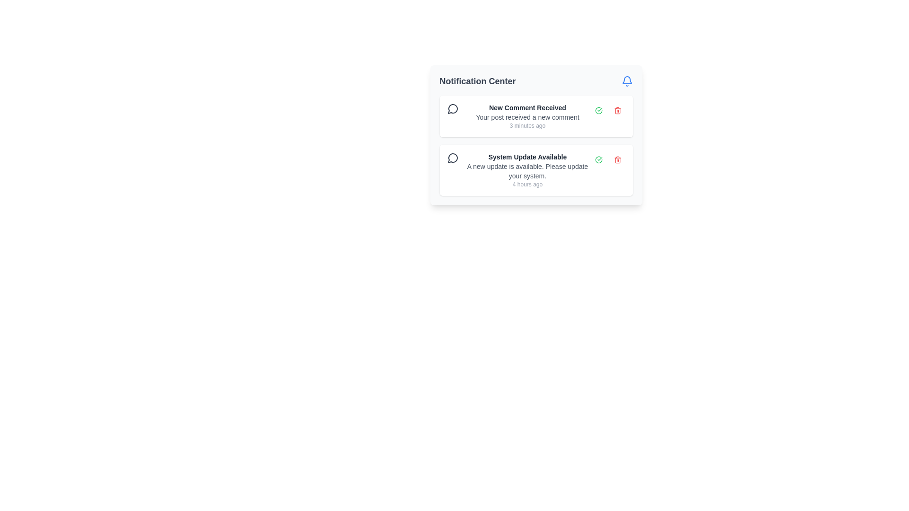  I want to click on text label that serves as the header for the notification message, located at the top of the first notification item in the Notification Center, so click(527, 107).